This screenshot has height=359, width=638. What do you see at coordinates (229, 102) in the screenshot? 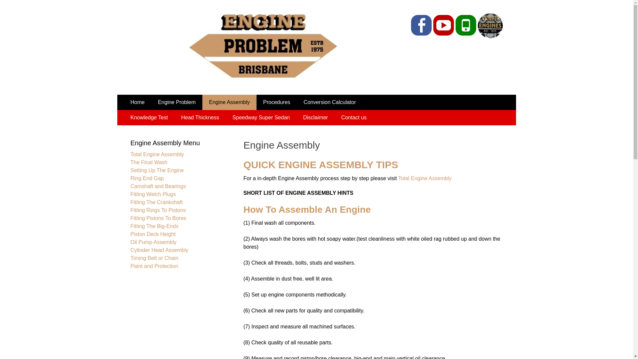
I see `'Engine Assembly'` at bounding box center [229, 102].